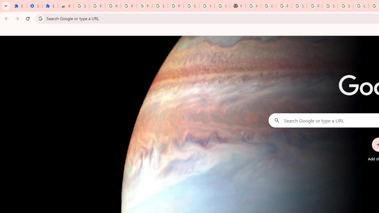 This screenshot has height=213, width=379. What do you see at coordinates (19, 6) in the screenshot?
I see `'Extensions'` at bounding box center [19, 6].